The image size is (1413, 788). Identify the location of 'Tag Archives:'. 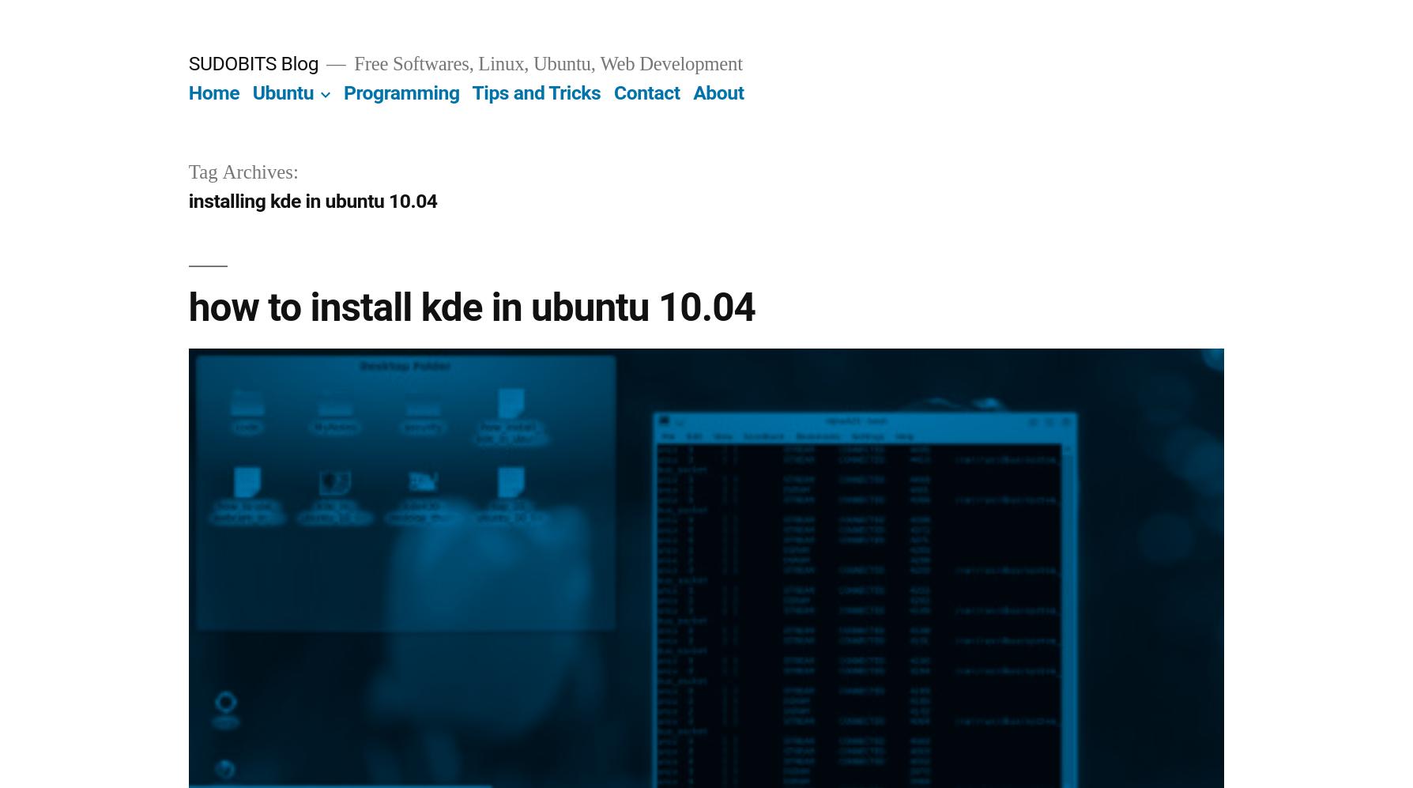
(242, 172).